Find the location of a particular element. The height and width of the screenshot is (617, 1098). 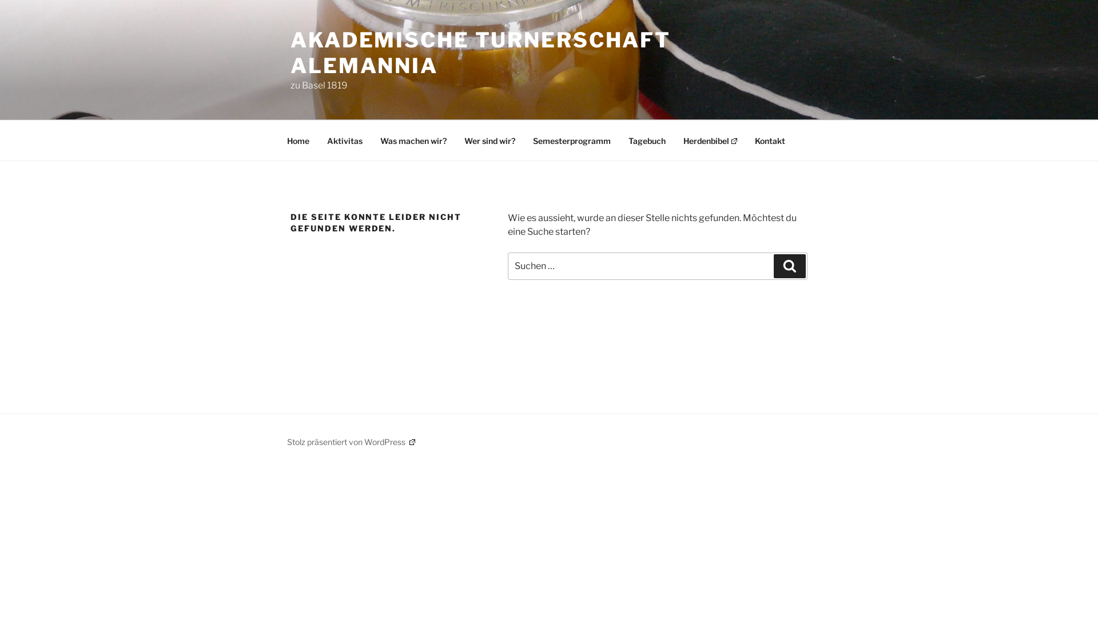

'Tagebuch' is located at coordinates (647, 140).